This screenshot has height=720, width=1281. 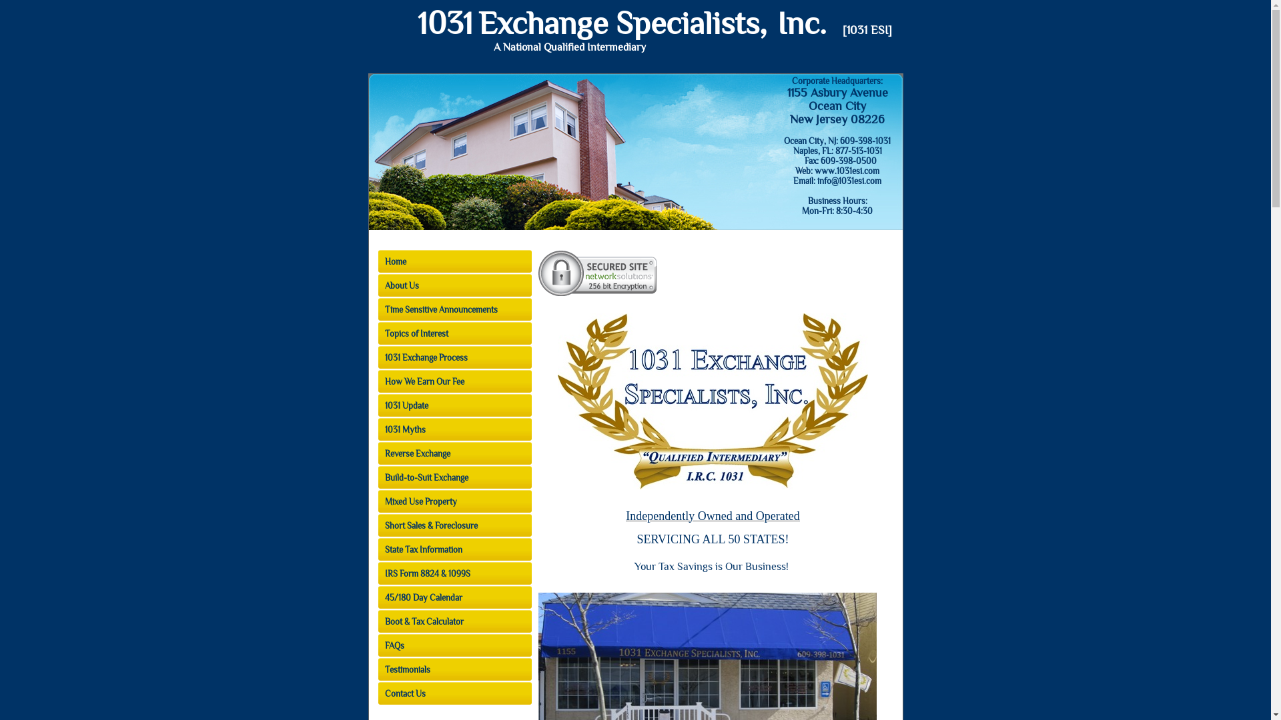 What do you see at coordinates (454, 357) in the screenshot?
I see `'1031 Exchange Process'` at bounding box center [454, 357].